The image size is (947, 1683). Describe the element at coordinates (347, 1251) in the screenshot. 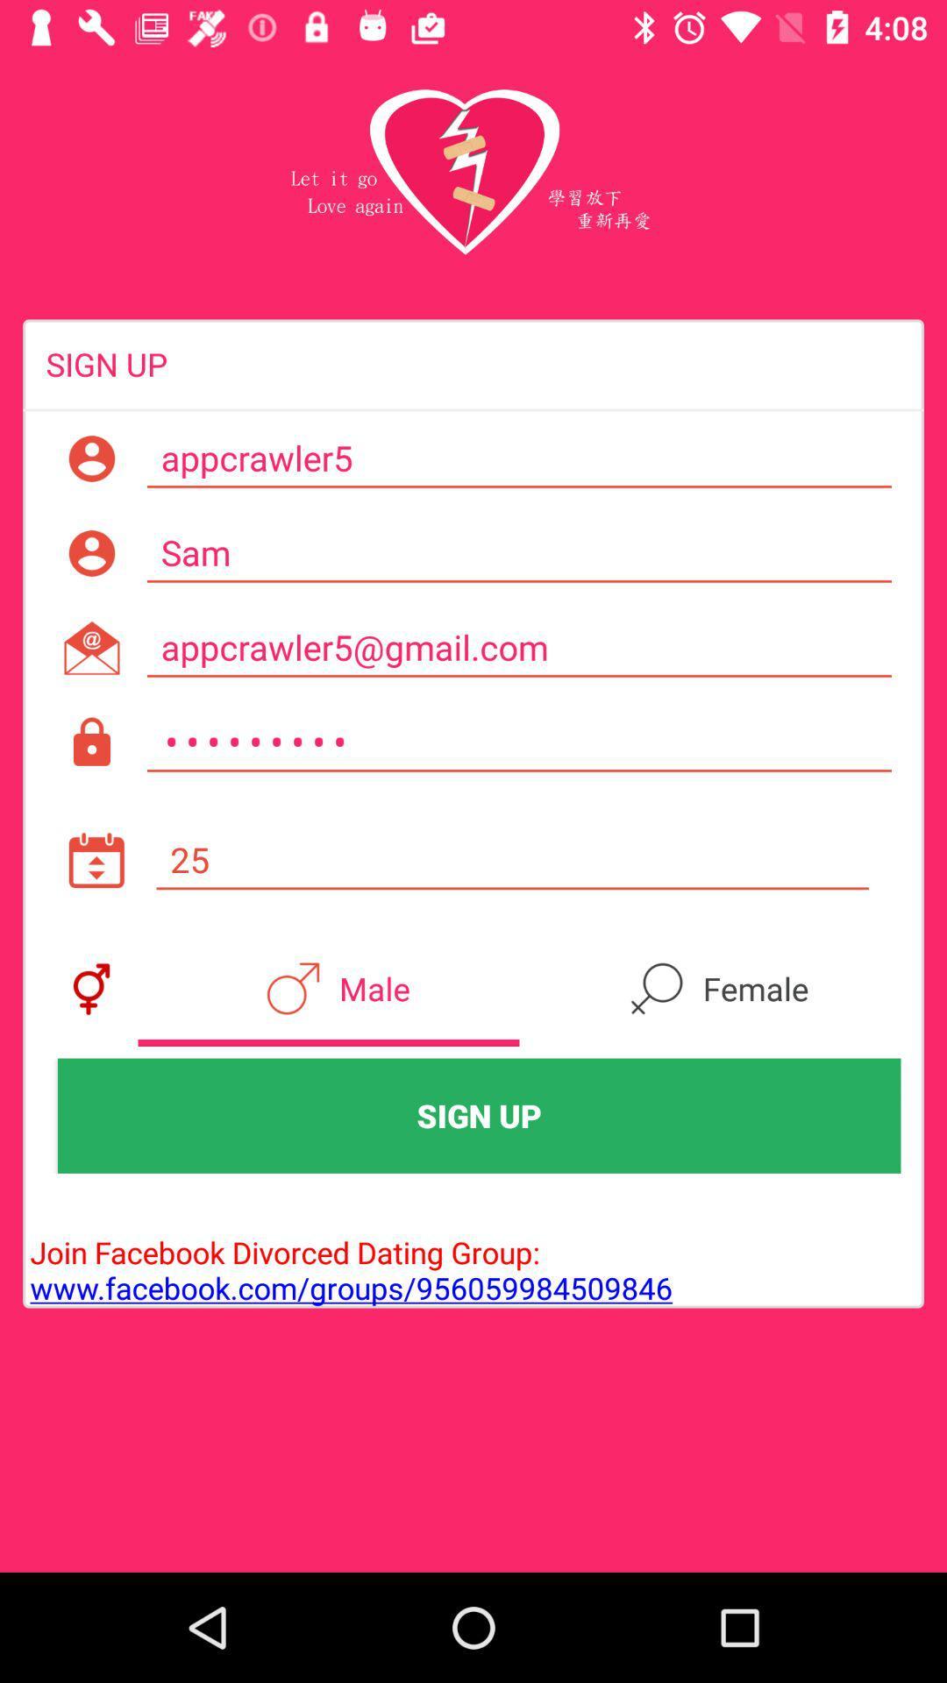

I see `icon below sign up icon` at that location.